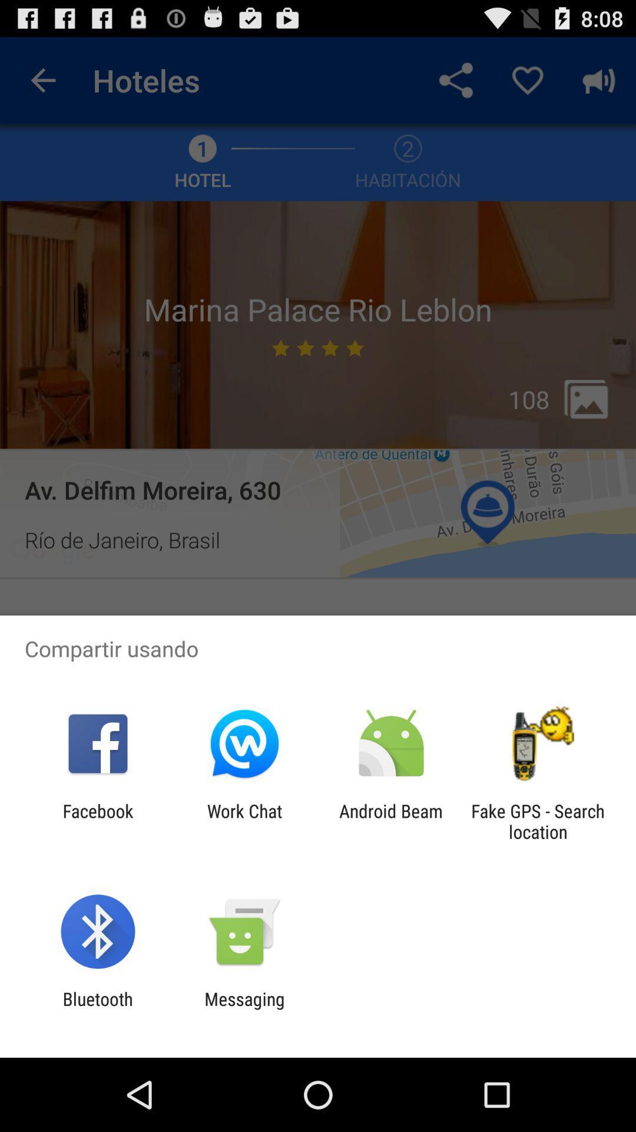 The width and height of the screenshot is (636, 1132). Describe the element at coordinates (97, 1009) in the screenshot. I see `bluetooth app` at that location.